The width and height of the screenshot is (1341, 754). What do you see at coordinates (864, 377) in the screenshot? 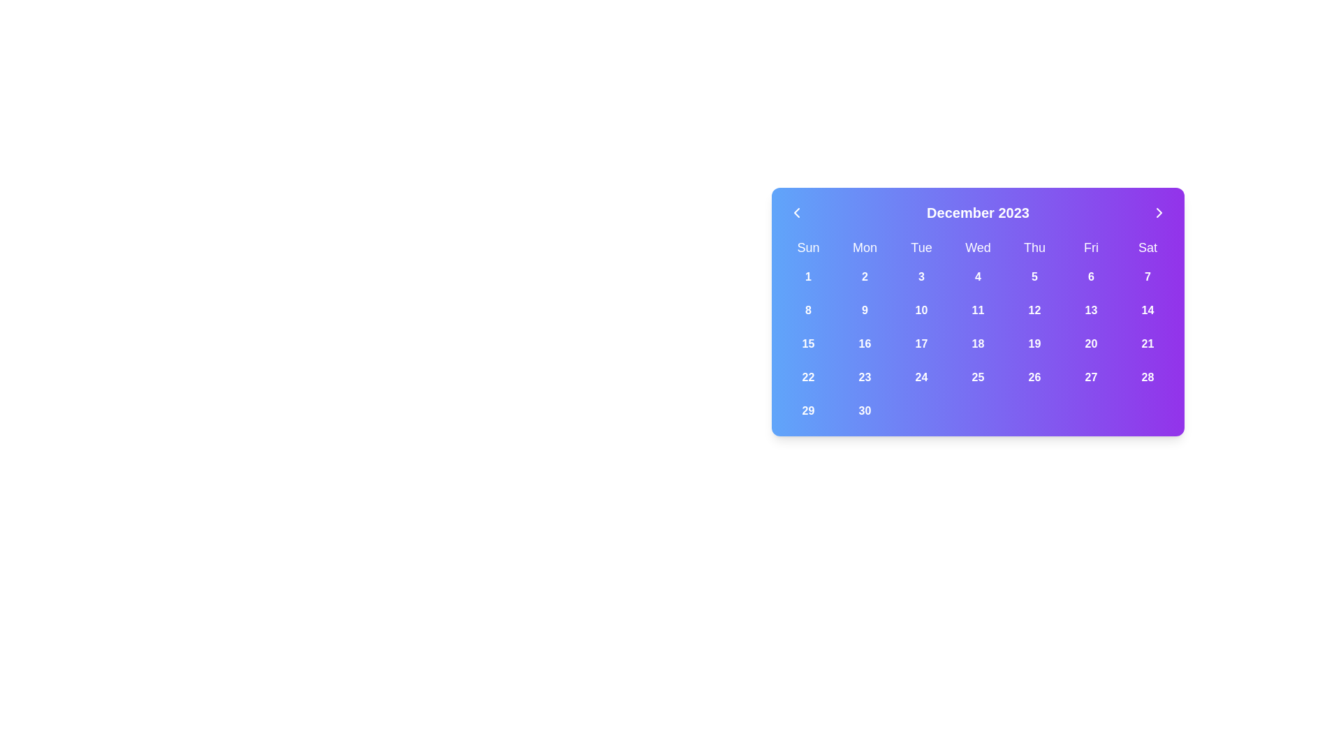
I see `the button-like element corresponding to the date '23' in the calendar grid layout` at bounding box center [864, 377].